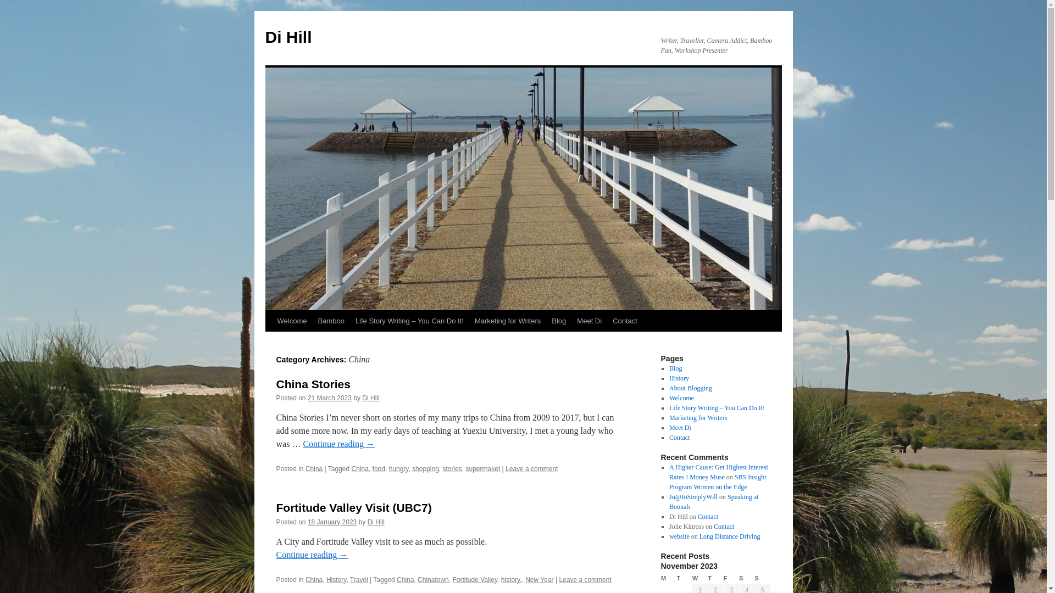 This screenshot has width=1055, height=593. Describe the element at coordinates (432, 579) in the screenshot. I see `'Chinatown'` at that location.